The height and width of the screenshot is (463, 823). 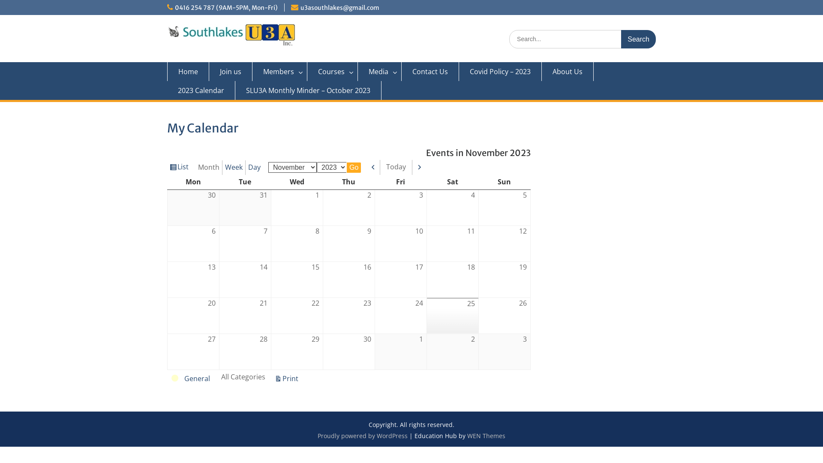 What do you see at coordinates (254, 167) in the screenshot?
I see `'Day'` at bounding box center [254, 167].